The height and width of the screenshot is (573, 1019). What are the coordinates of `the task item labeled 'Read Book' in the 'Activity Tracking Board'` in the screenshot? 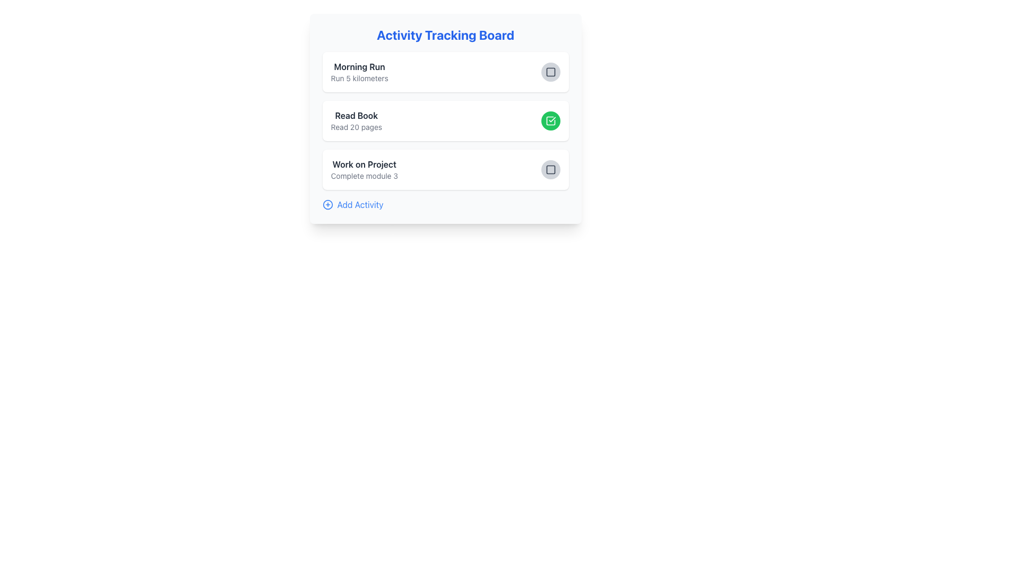 It's located at (445, 131).